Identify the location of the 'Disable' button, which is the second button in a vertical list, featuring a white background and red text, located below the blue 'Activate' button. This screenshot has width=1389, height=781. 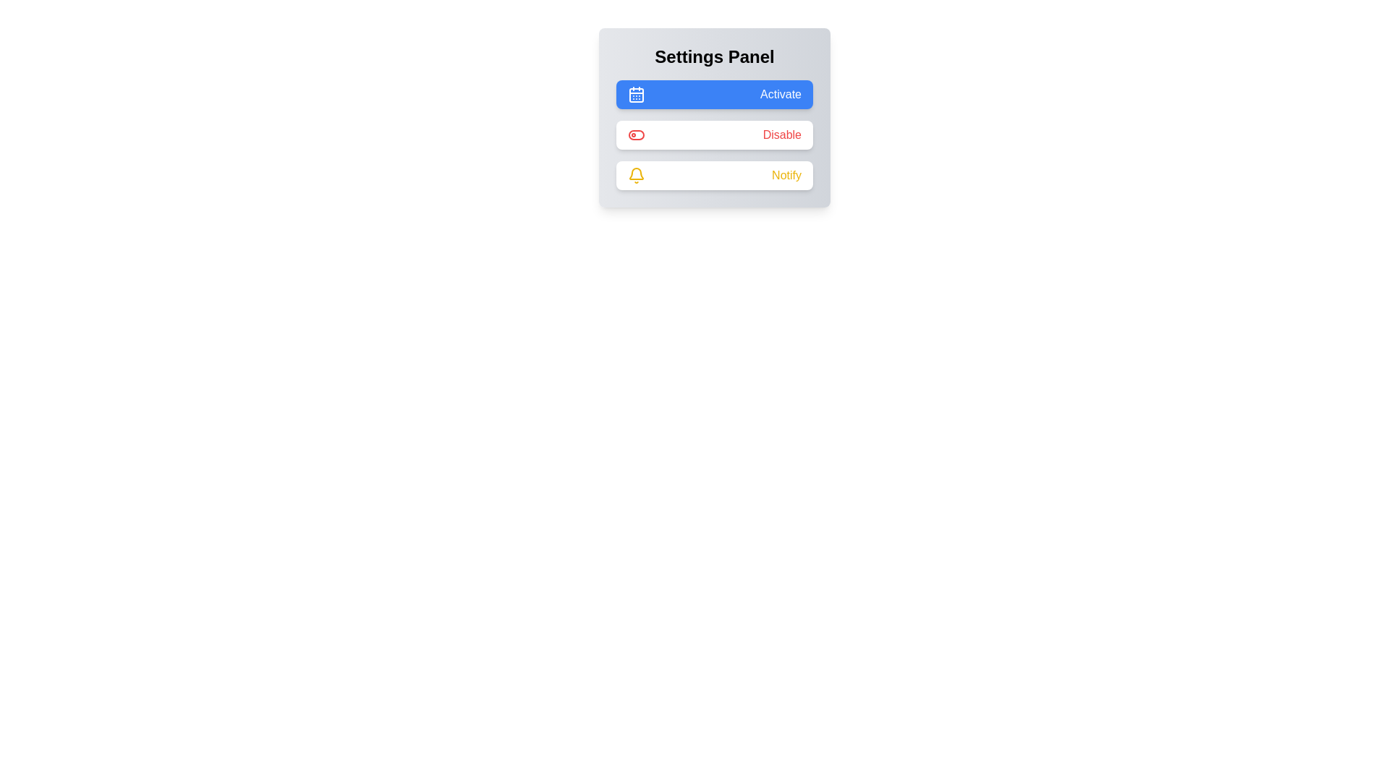
(715, 135).